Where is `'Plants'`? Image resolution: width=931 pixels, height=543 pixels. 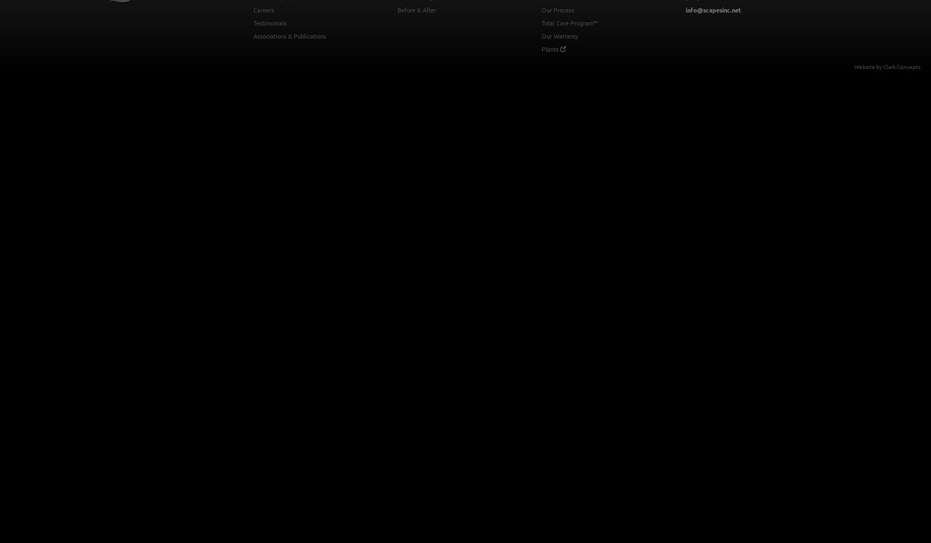
'Plants' is located at coordinates (550, 48).